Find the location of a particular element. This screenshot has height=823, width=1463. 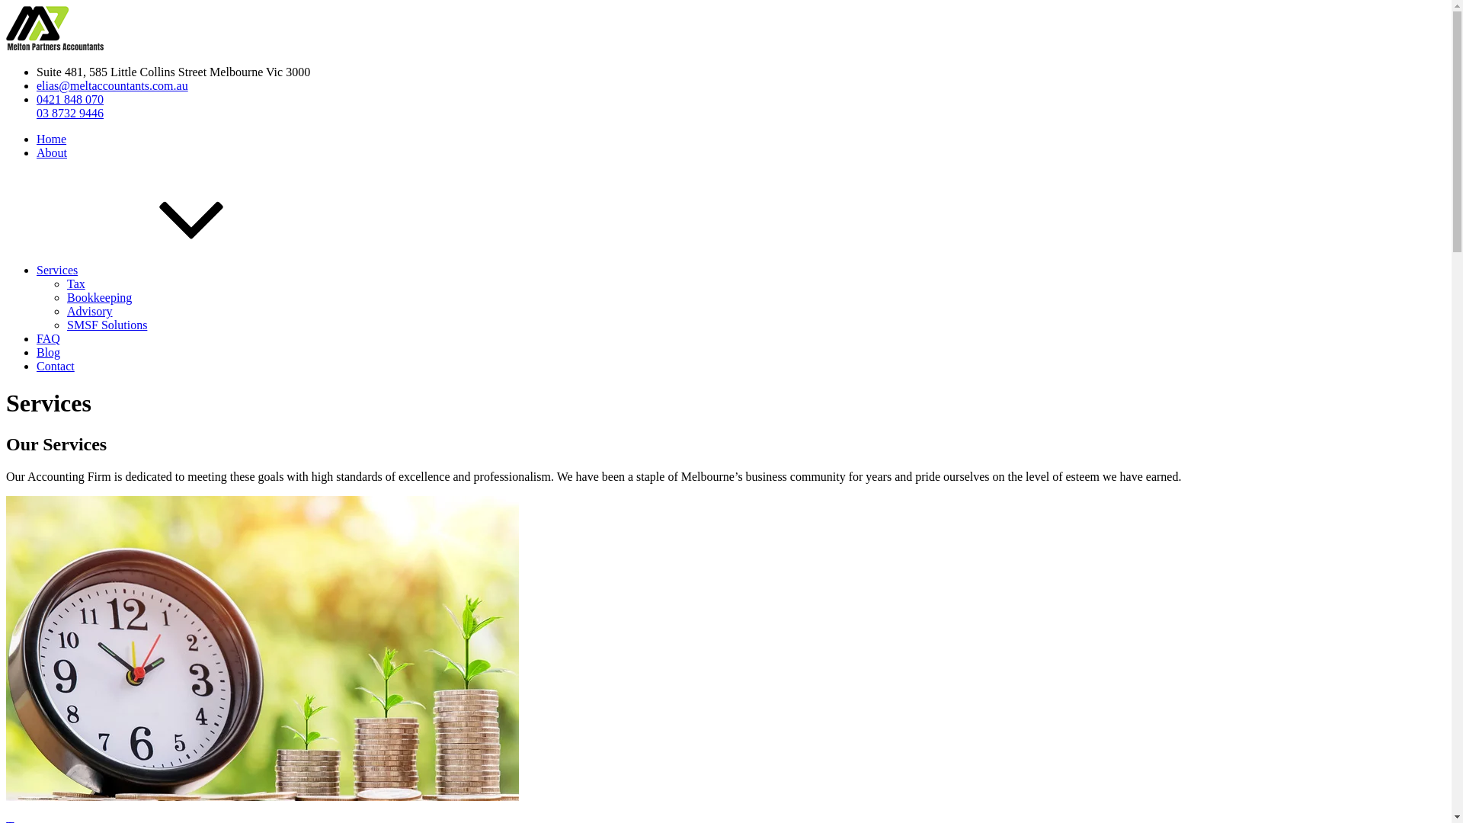

'Advisory' is located at coordinates (89, 310).